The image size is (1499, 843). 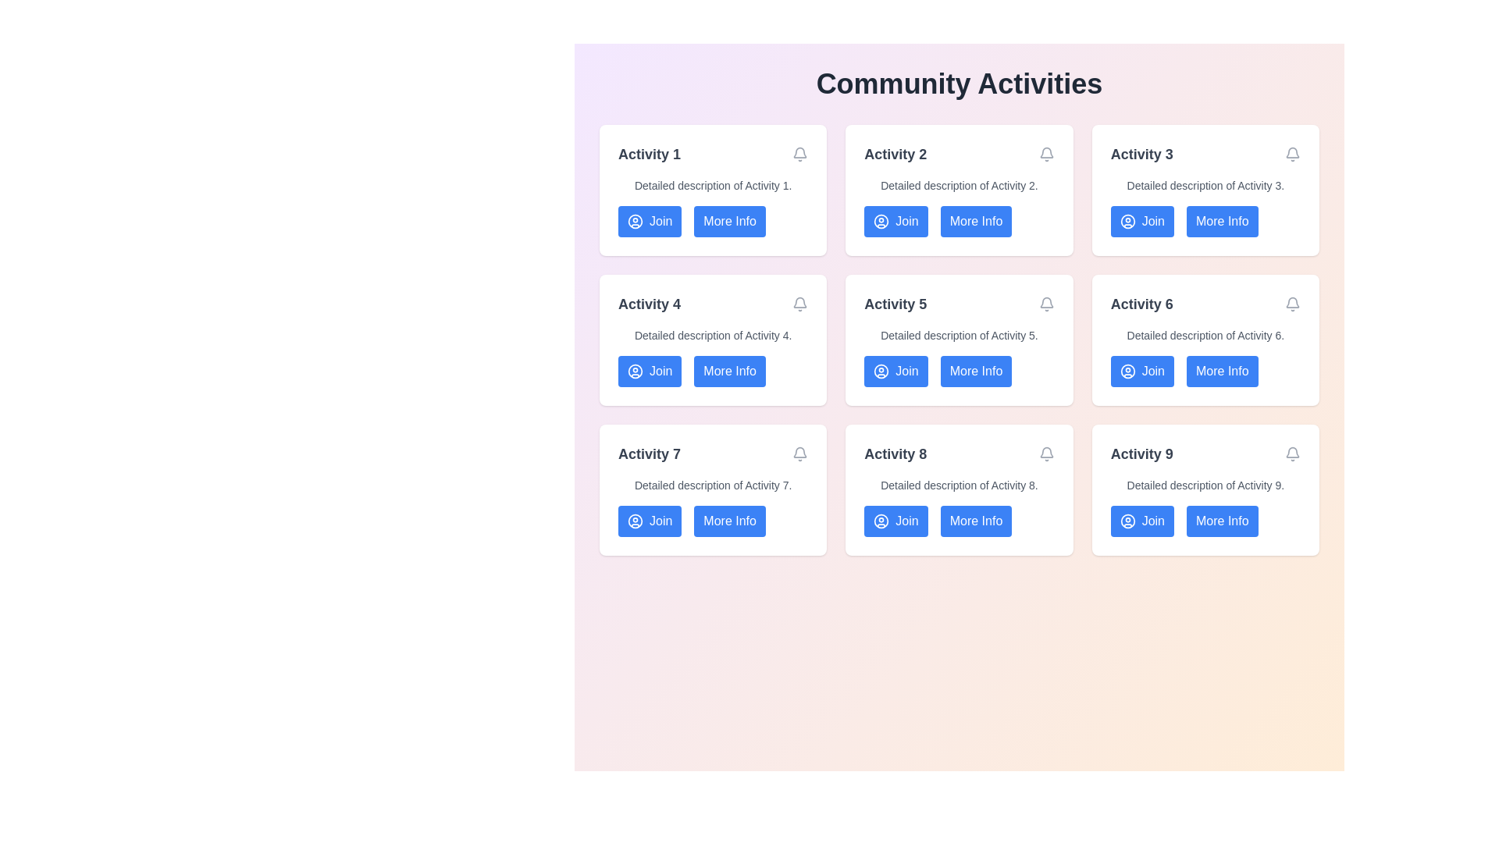 What do you see at coordinates (636, 521) in the screenshot?
I see `the Circle (SVG Element) representing a user icon within the 'Activity 7' card in the bottom row, first column of the grid of activity cards` at bounding box center [636, 521].